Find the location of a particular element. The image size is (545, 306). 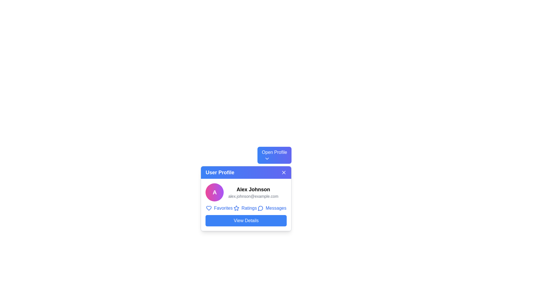

the 'Favorites' text label, which is styled in blue and located near a heart icon in the user card interface under 'User Profile' is located at coordinates (223, 208).